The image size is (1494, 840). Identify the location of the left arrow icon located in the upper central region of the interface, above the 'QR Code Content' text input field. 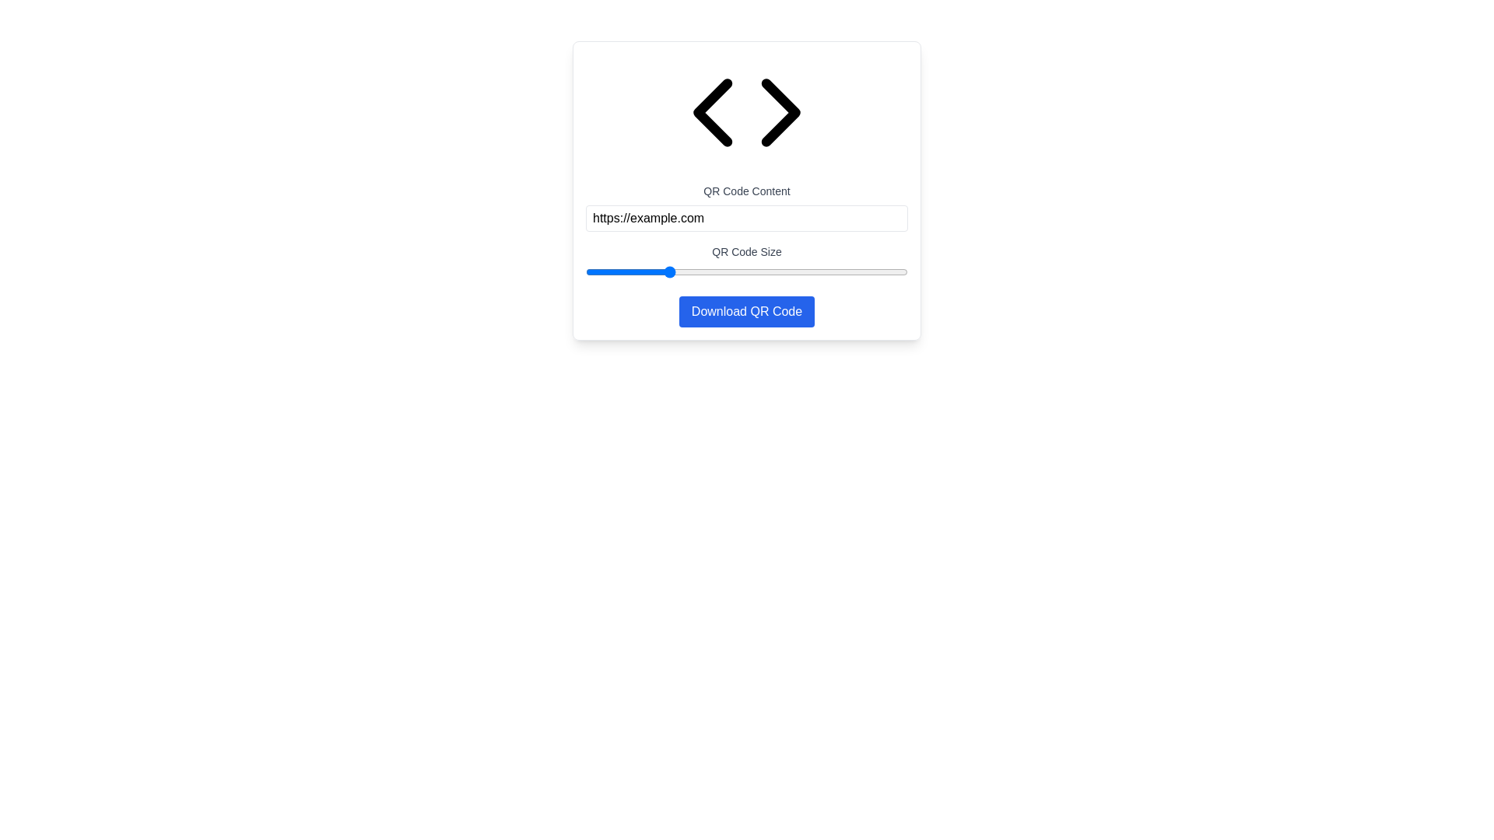
(712, 112).